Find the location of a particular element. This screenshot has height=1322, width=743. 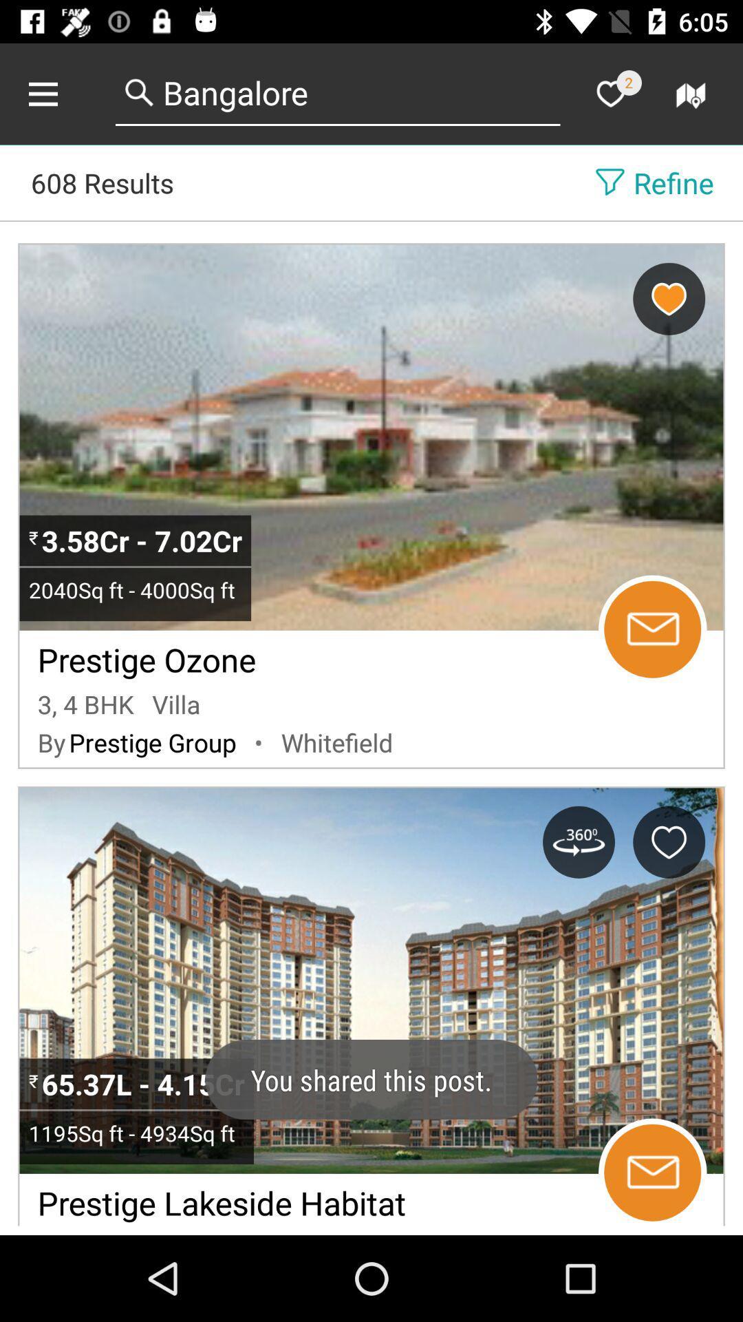

the favorite icon is located at coordinates (610, 93).